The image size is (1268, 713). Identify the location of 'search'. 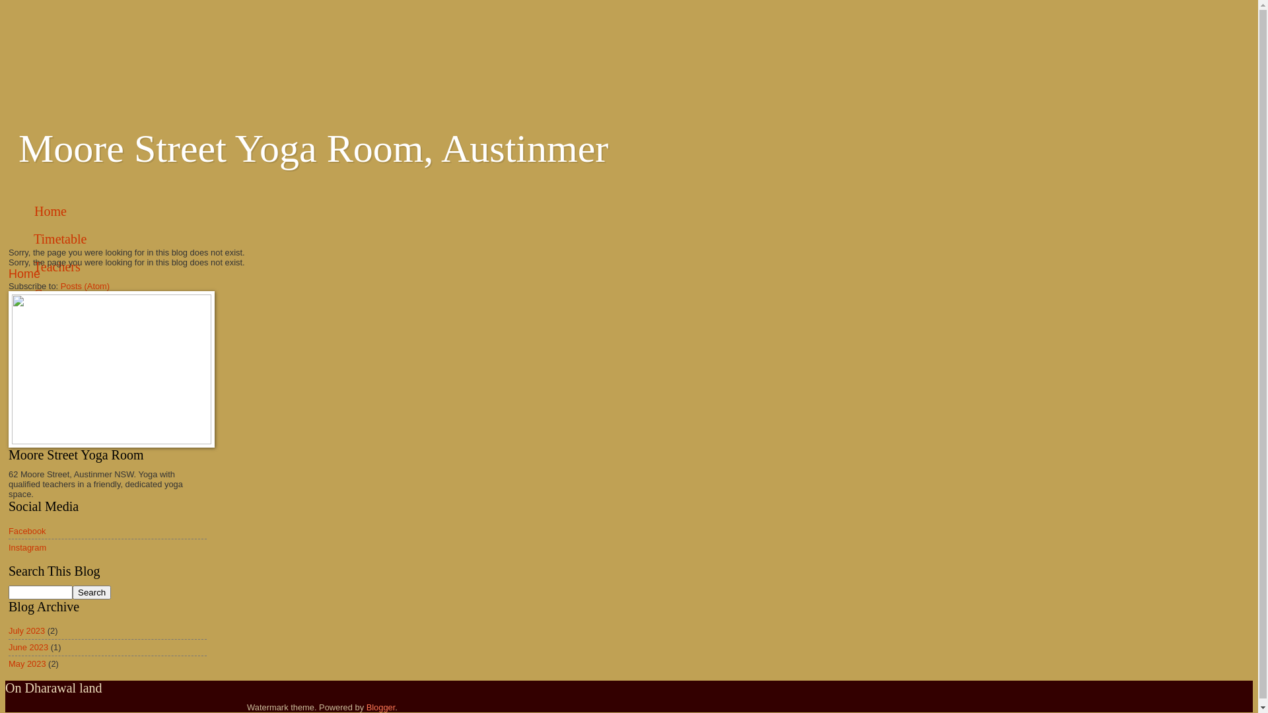
(91, 592).